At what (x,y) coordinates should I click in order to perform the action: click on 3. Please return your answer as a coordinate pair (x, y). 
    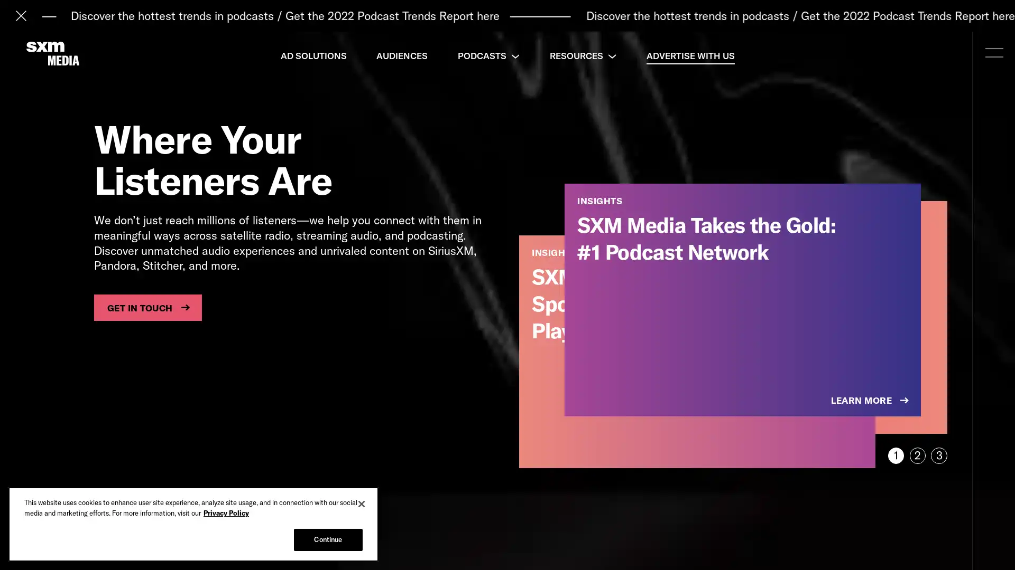
    Looking at the image, I should click on (939, 455).